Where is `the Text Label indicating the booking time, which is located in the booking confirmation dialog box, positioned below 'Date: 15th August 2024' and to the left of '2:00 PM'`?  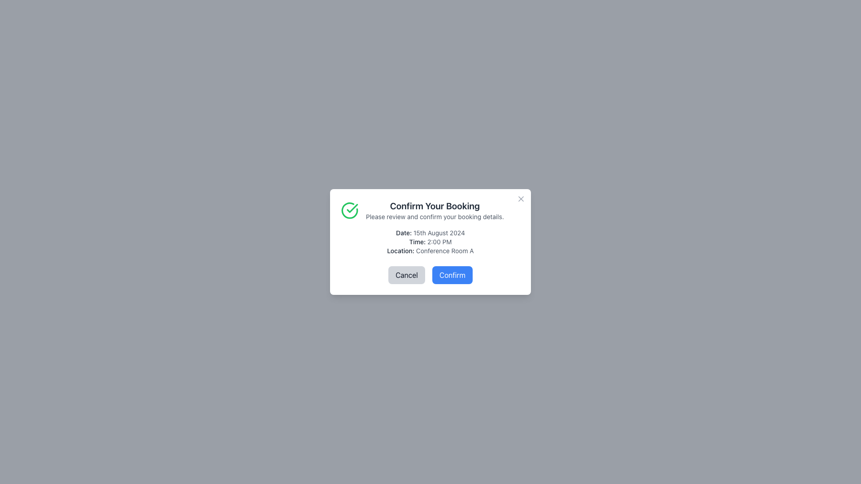
the Text Label indicating the booking time, which is located in the booking confirmation dialog box, positioned below 'Date: 15th August 2024' and to the left of '2:00 PM' is located at coordinates (417, 241).